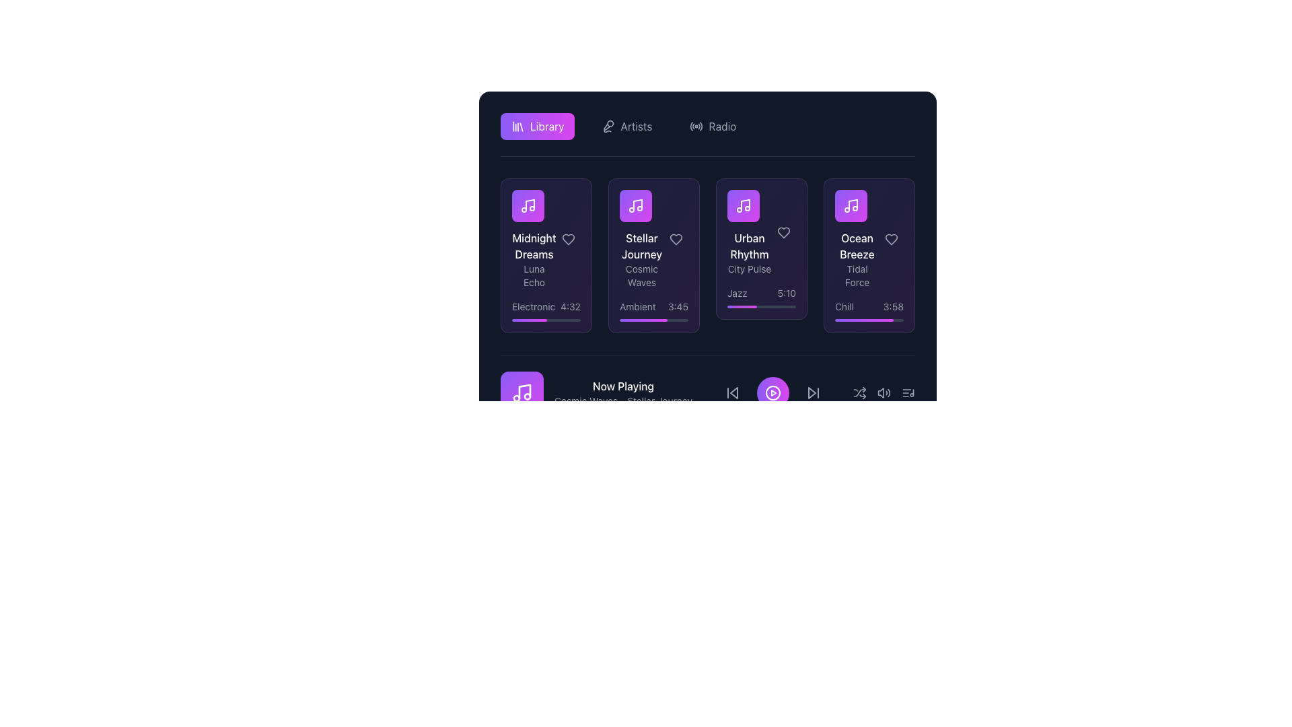 The height and width of the screenshot is (727, 1292). What do you see at coordinates (762, 297) in the screenshot?
I see `the progress bar status of the Information display component featuring the text 'Jazz' and duration '5:10', located in the lower segment of the 'Urban Rhythm' card` at bounding box center [762, 297].